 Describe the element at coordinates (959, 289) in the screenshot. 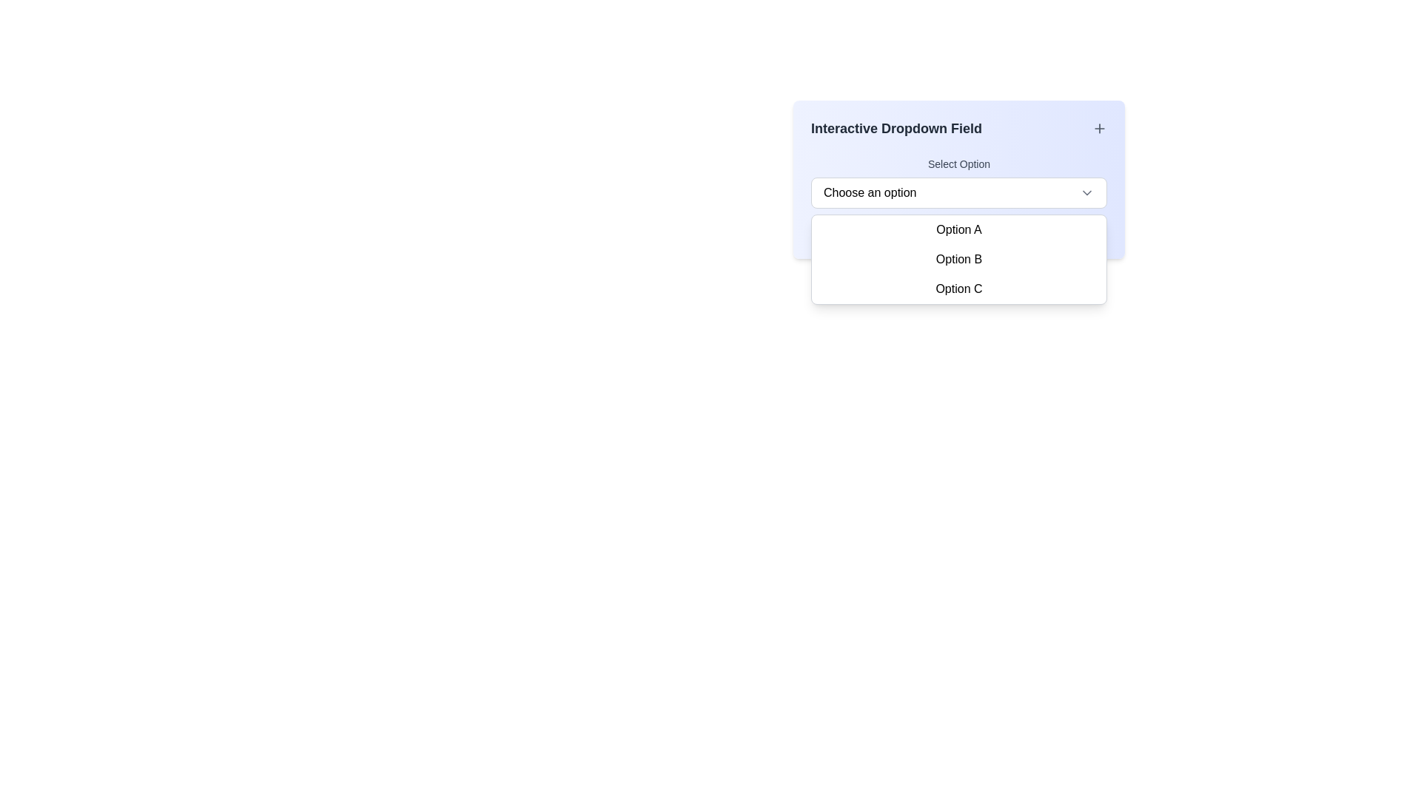

I see `the third option labeled 'Option C' in the dropdown menu` at that location.